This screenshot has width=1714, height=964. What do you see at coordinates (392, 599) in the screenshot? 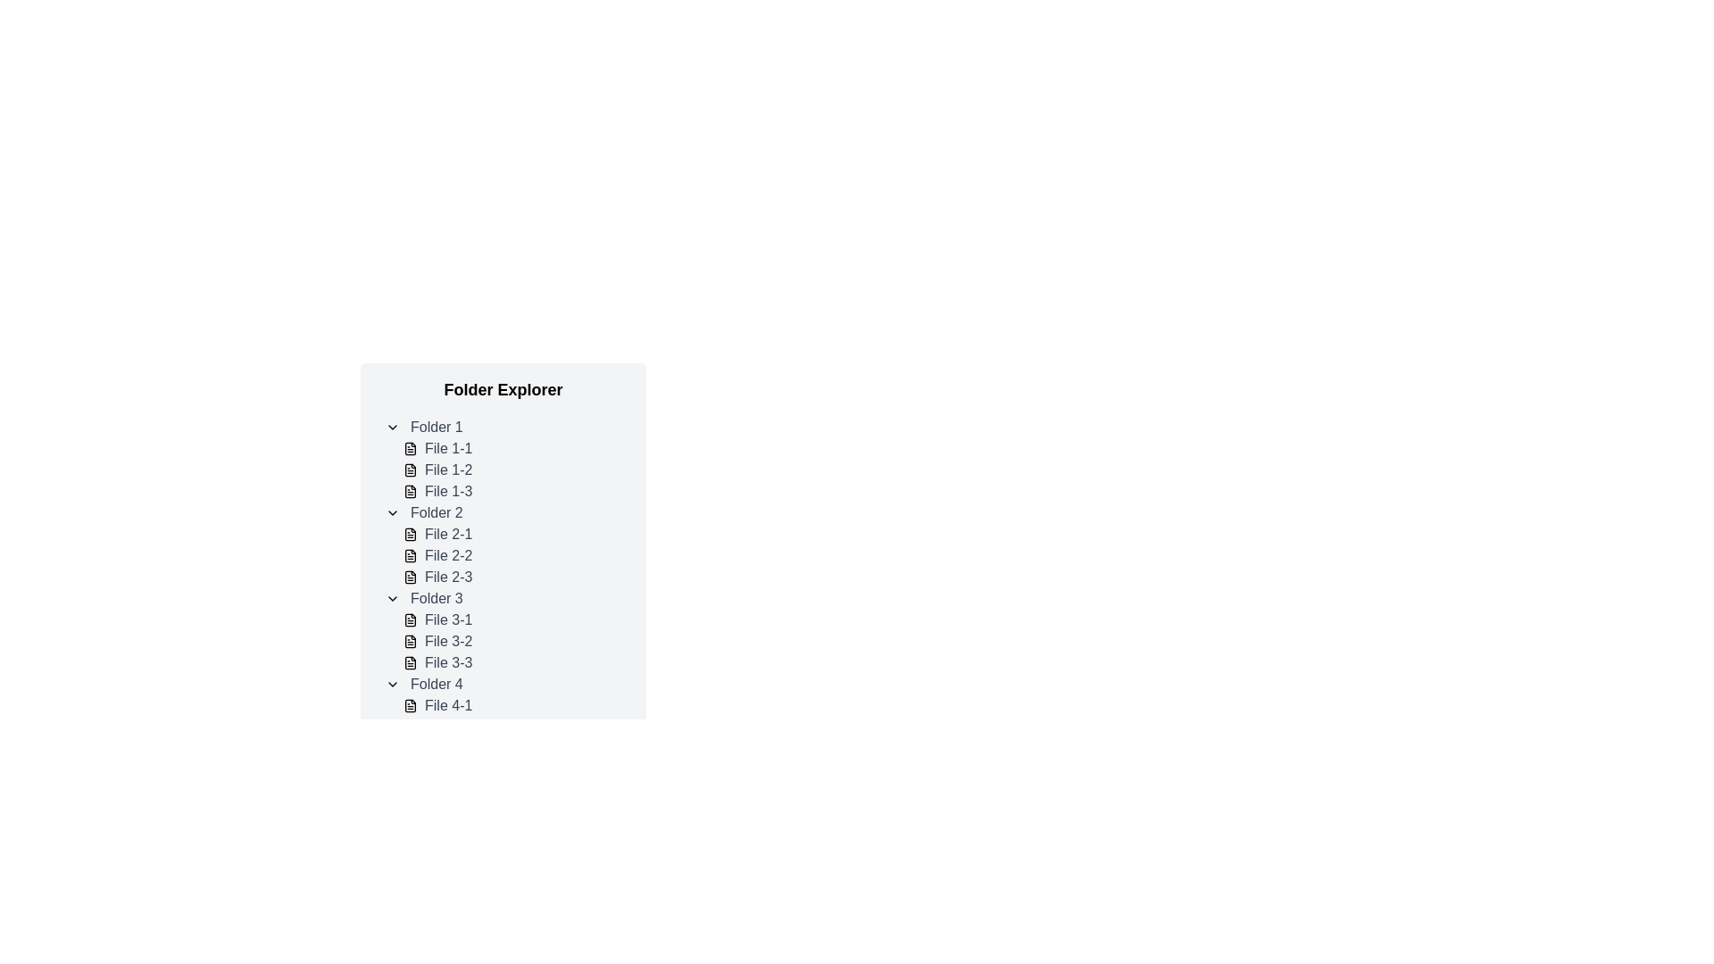
I see `the Chevron Down Icon` at bounding box center [392, 599].